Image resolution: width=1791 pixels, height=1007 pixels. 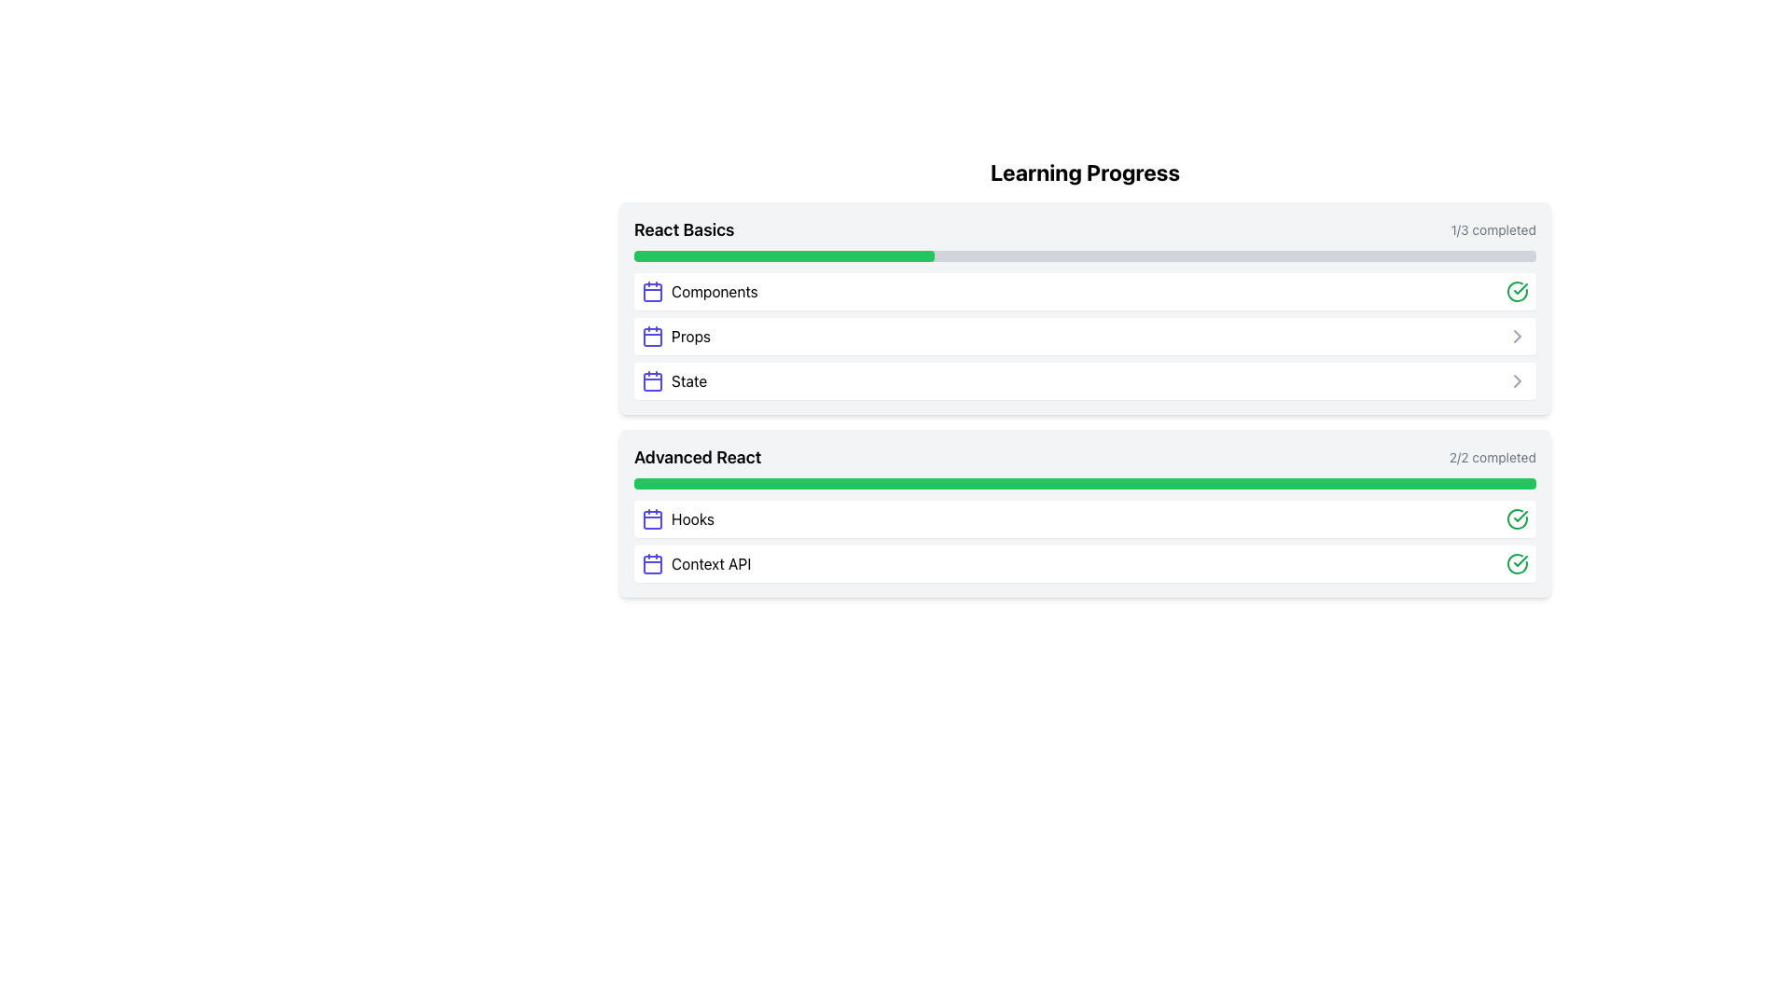 I want to click on the circular completion indicator with a green border and checkmark inside, located in the bottom section of the interface under 'Advanced React', rightmost side of the 'Context API' row, so click(x=1518, y=518).